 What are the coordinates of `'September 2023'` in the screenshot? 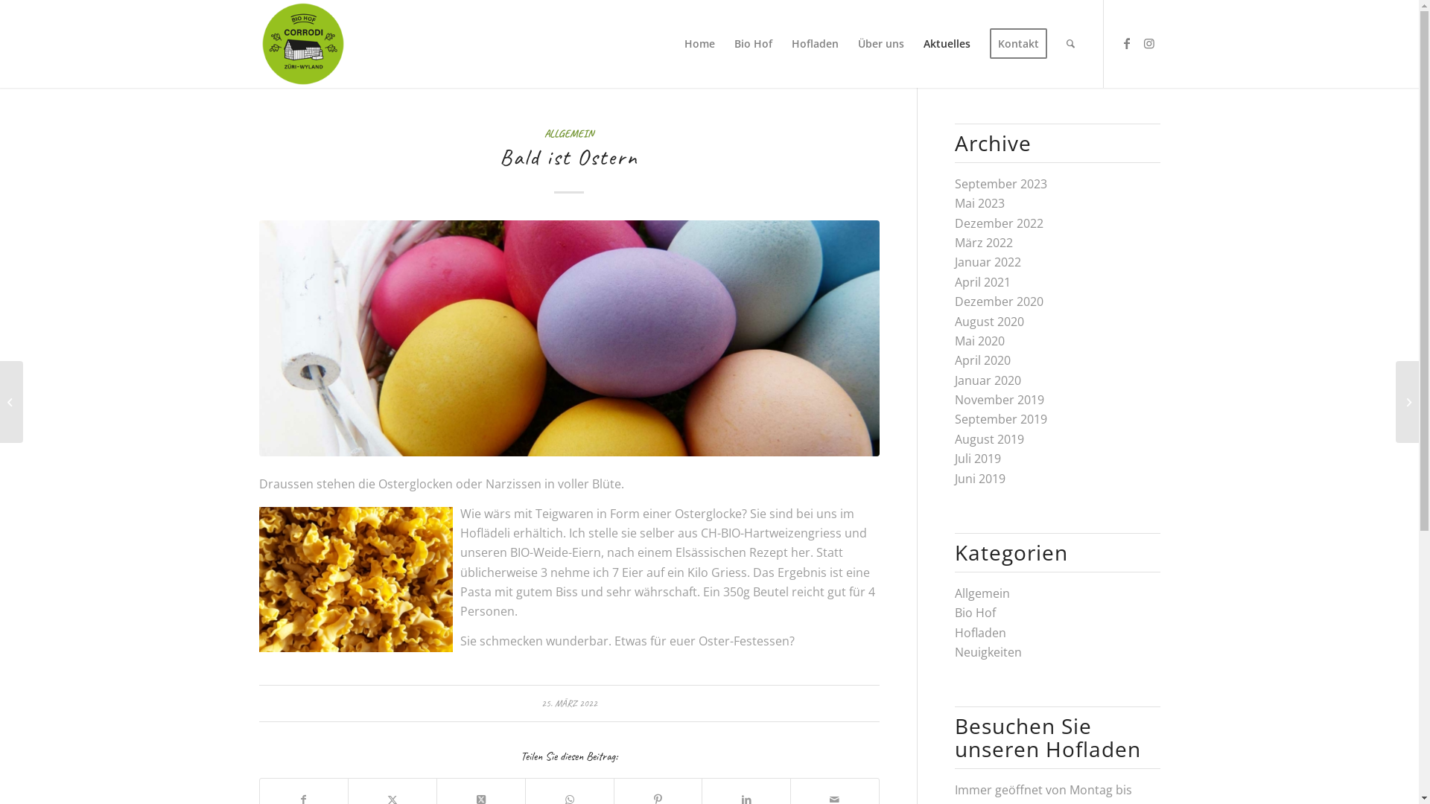 It's located at (1001, 182).